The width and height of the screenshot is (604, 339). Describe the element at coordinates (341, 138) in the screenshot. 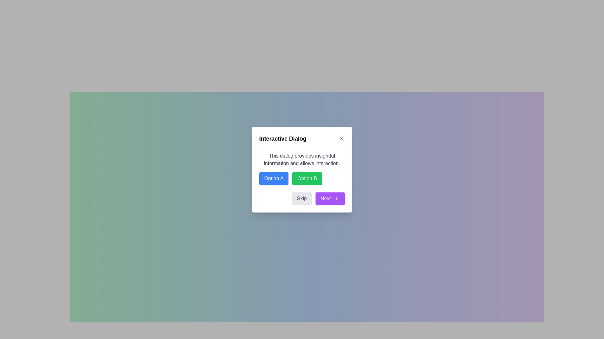

I see `the Close button represented by a minimalist gray square with an 'X' icon located in the top-right corner of the 'Interactive Dialog'` at that location.